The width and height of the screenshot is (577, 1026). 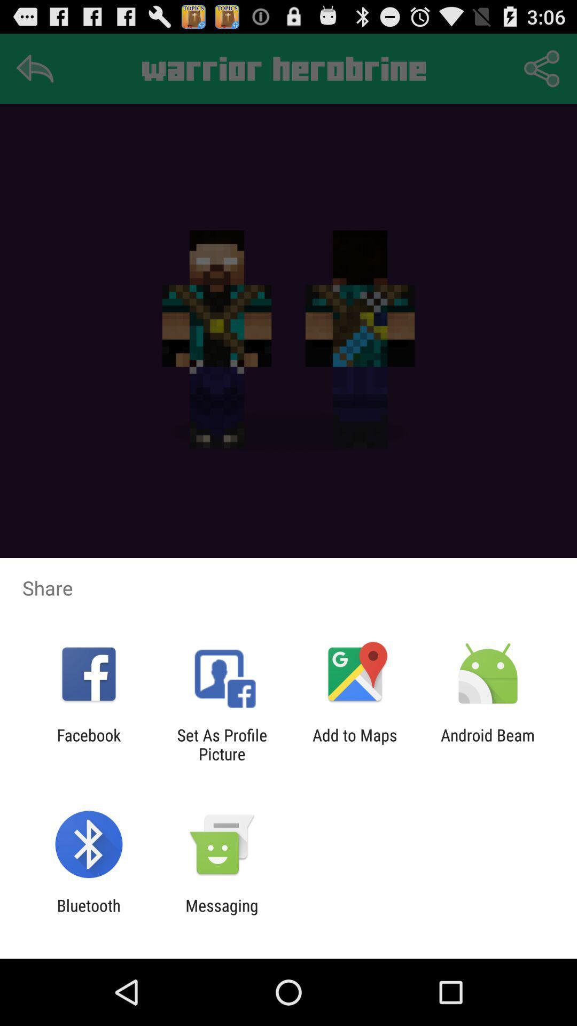 What do you see at coordinates (355, 744) in the screenshot?
I see `the icon to the right of the set as profile icon` at bounding box center [355, 744].